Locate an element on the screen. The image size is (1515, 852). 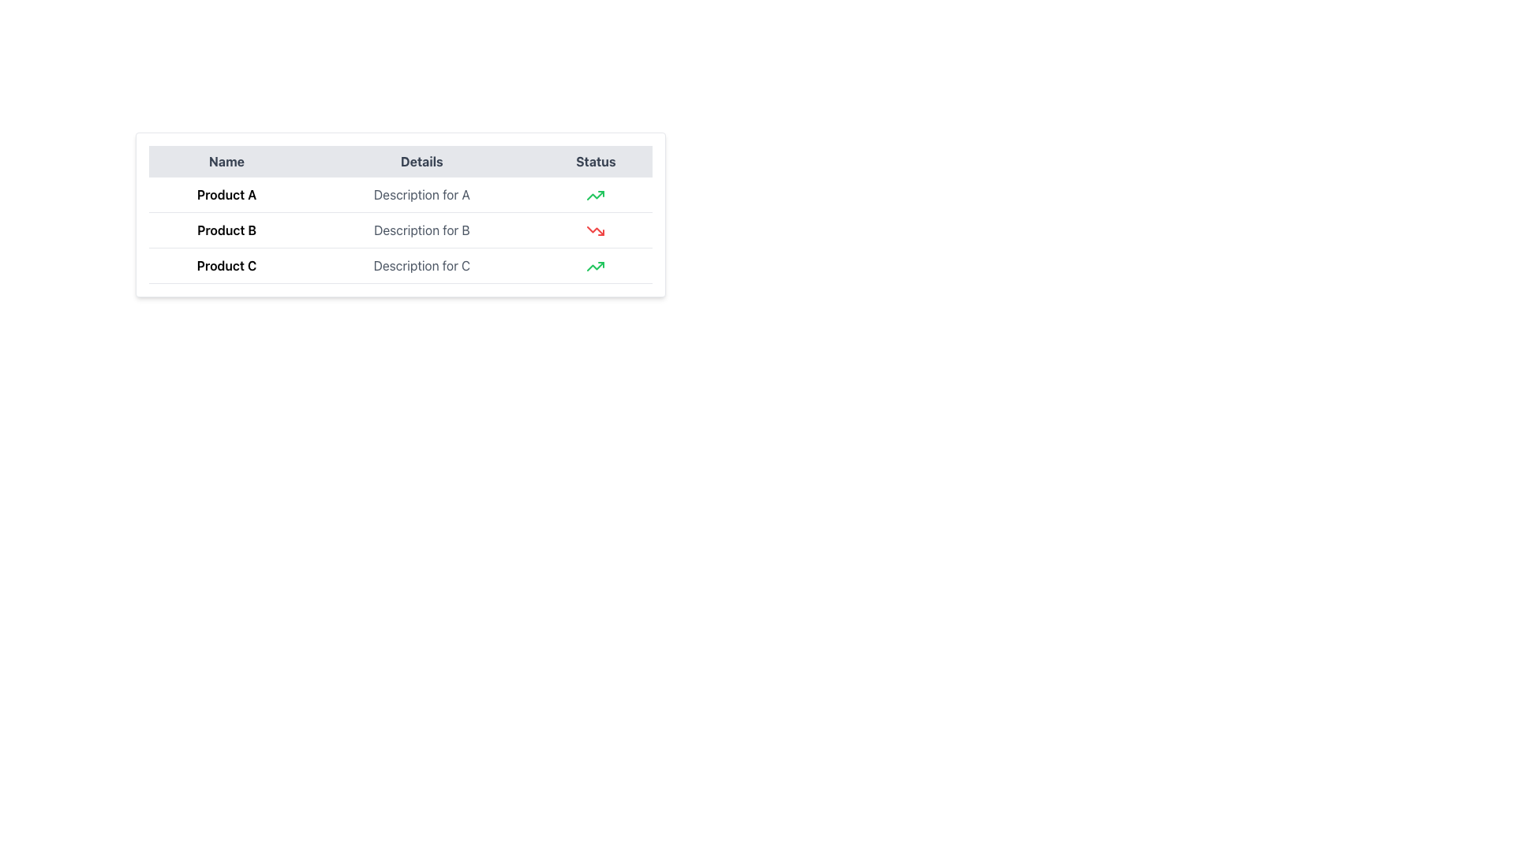
the Status Icon in the second row of the table, within the 'Status' column, which indicates a negative status for 'Product B' is located at coordinates (595, 231).